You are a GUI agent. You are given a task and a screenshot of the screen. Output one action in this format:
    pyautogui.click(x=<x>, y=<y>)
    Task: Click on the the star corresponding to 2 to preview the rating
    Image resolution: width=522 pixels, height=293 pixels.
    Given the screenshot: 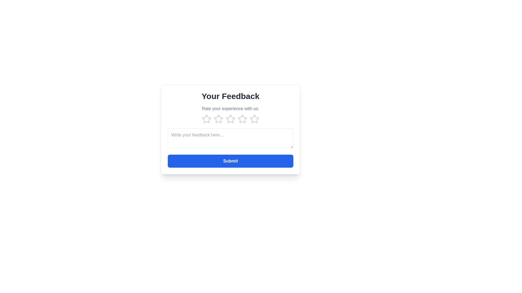 What is the action you would take?
    pyautogui.click(x=219, y=119)
    